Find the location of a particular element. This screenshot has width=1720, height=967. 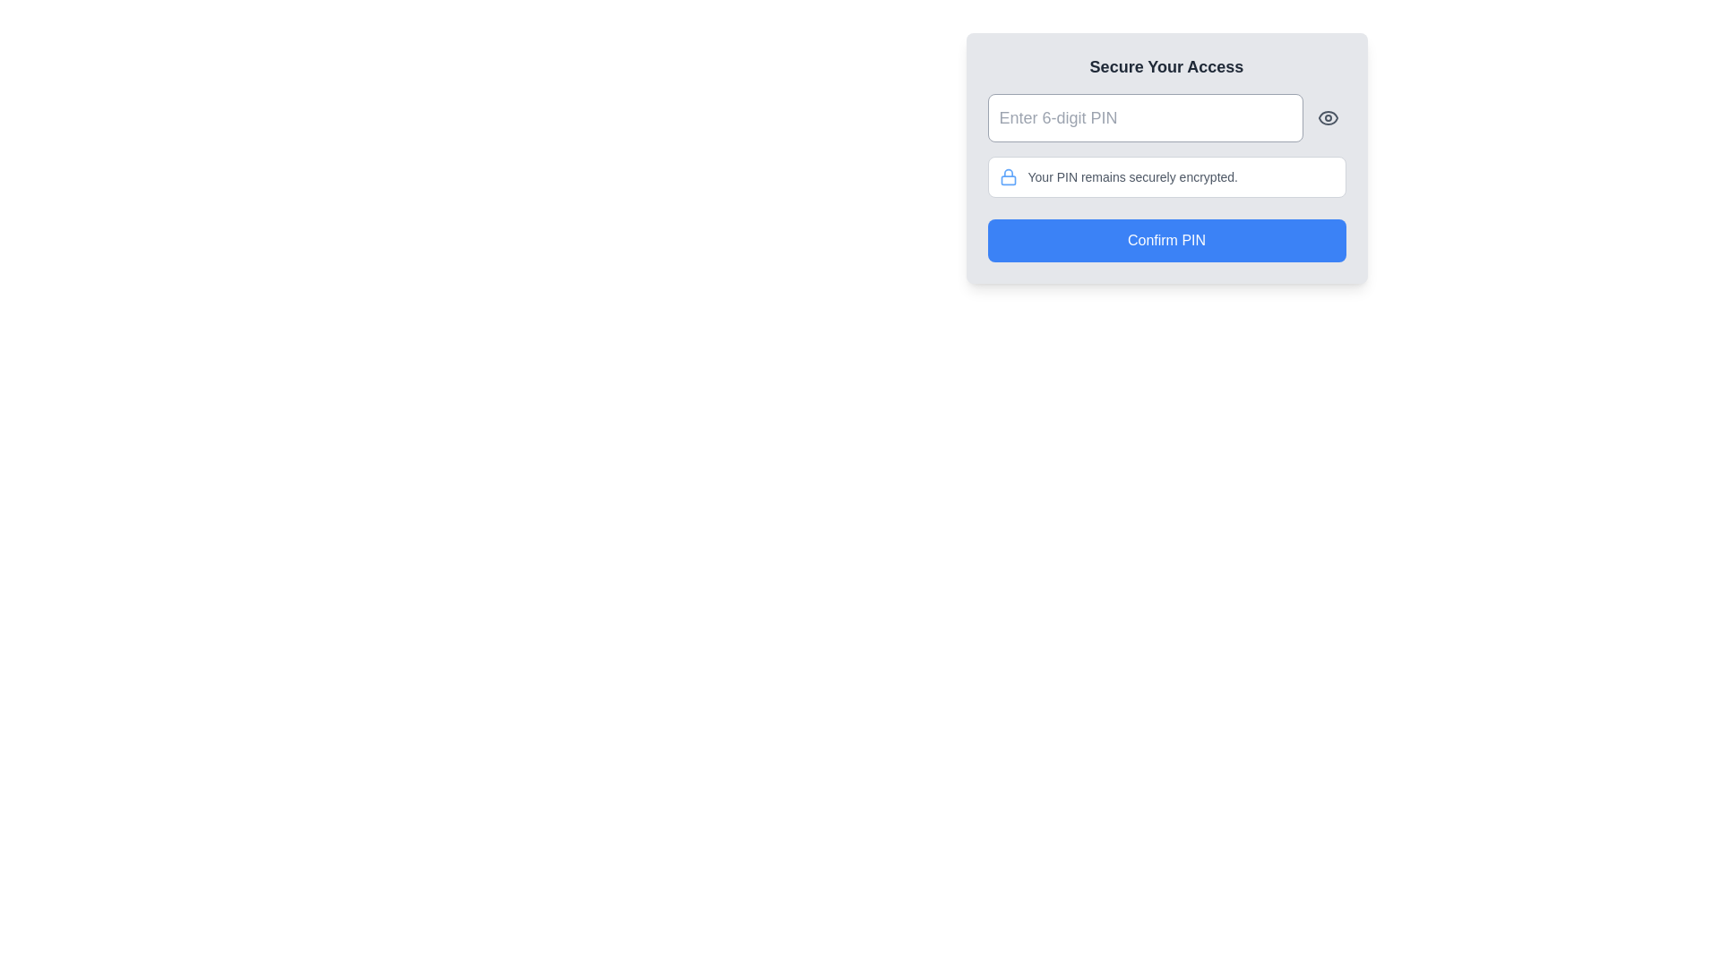

the 'Confirm PIN' button which has a blue background and white bold text, located at the bottom of the secure PIN form is located at coordinates (1166, 240).